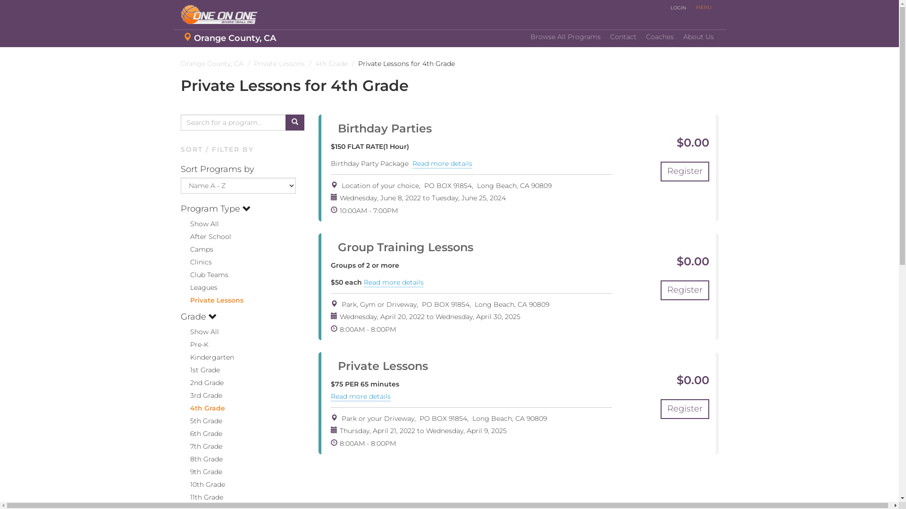 The width and height of the screenshot is (906, 509). What do you see at coordinates (222, 14) in the screenshot?
I see `'Home'` at bounding box center [222, 14].